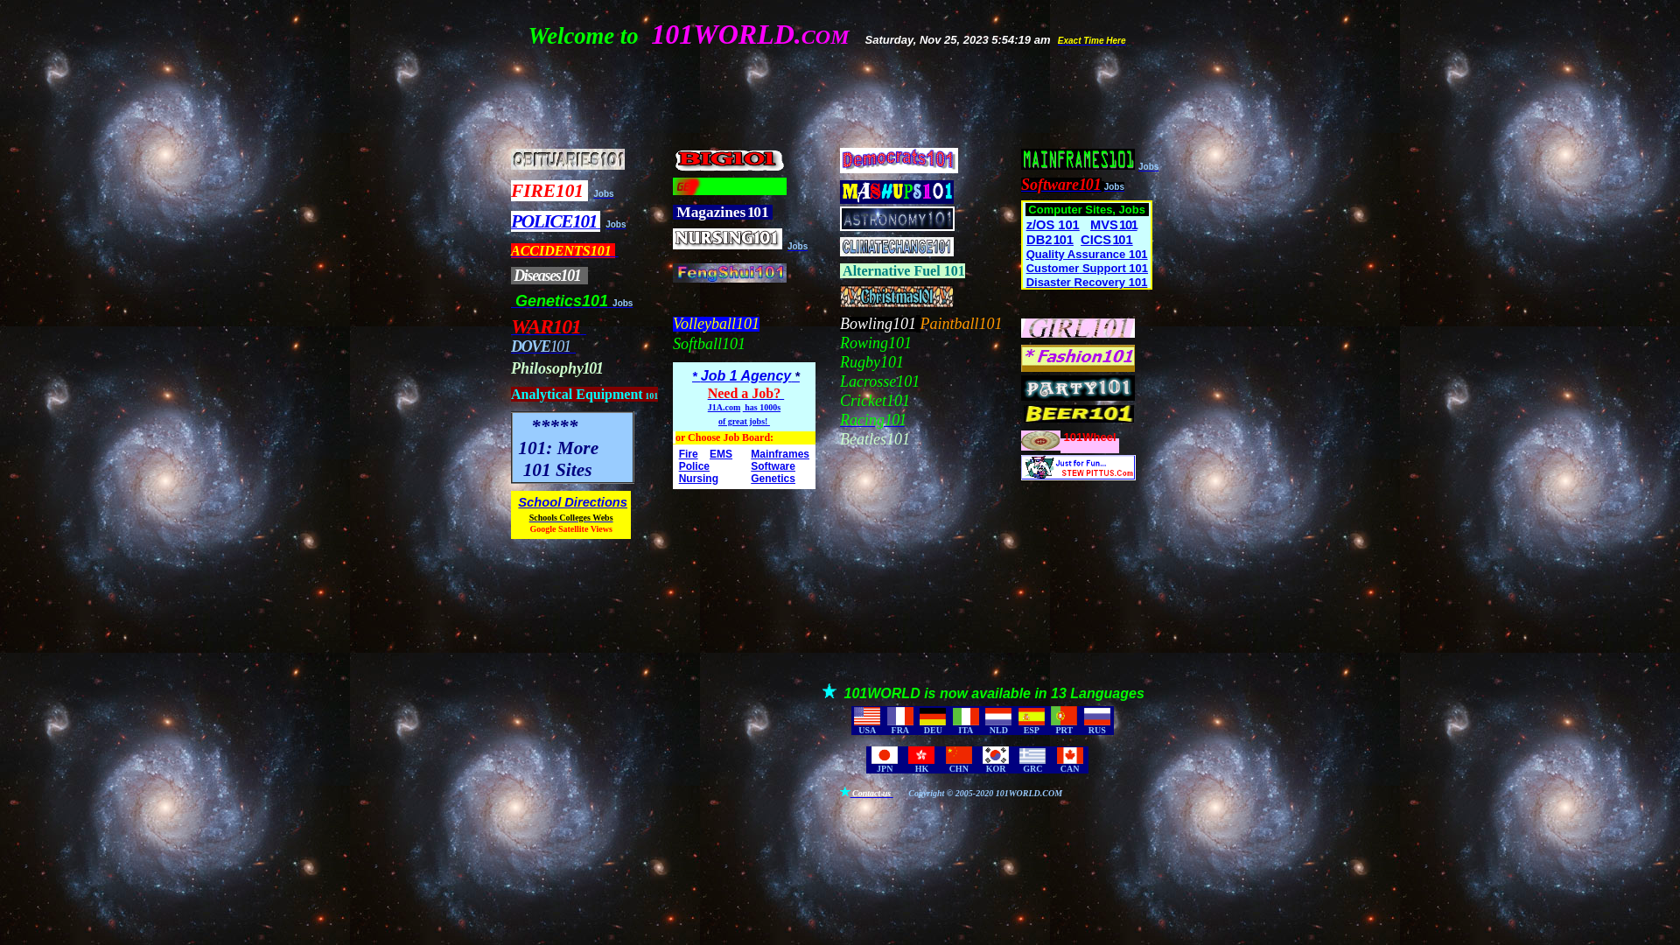  What do you see at coordinates (554, 221) in the screenshot?
I see `'POLICE101'` at bounding box center [554, 221].